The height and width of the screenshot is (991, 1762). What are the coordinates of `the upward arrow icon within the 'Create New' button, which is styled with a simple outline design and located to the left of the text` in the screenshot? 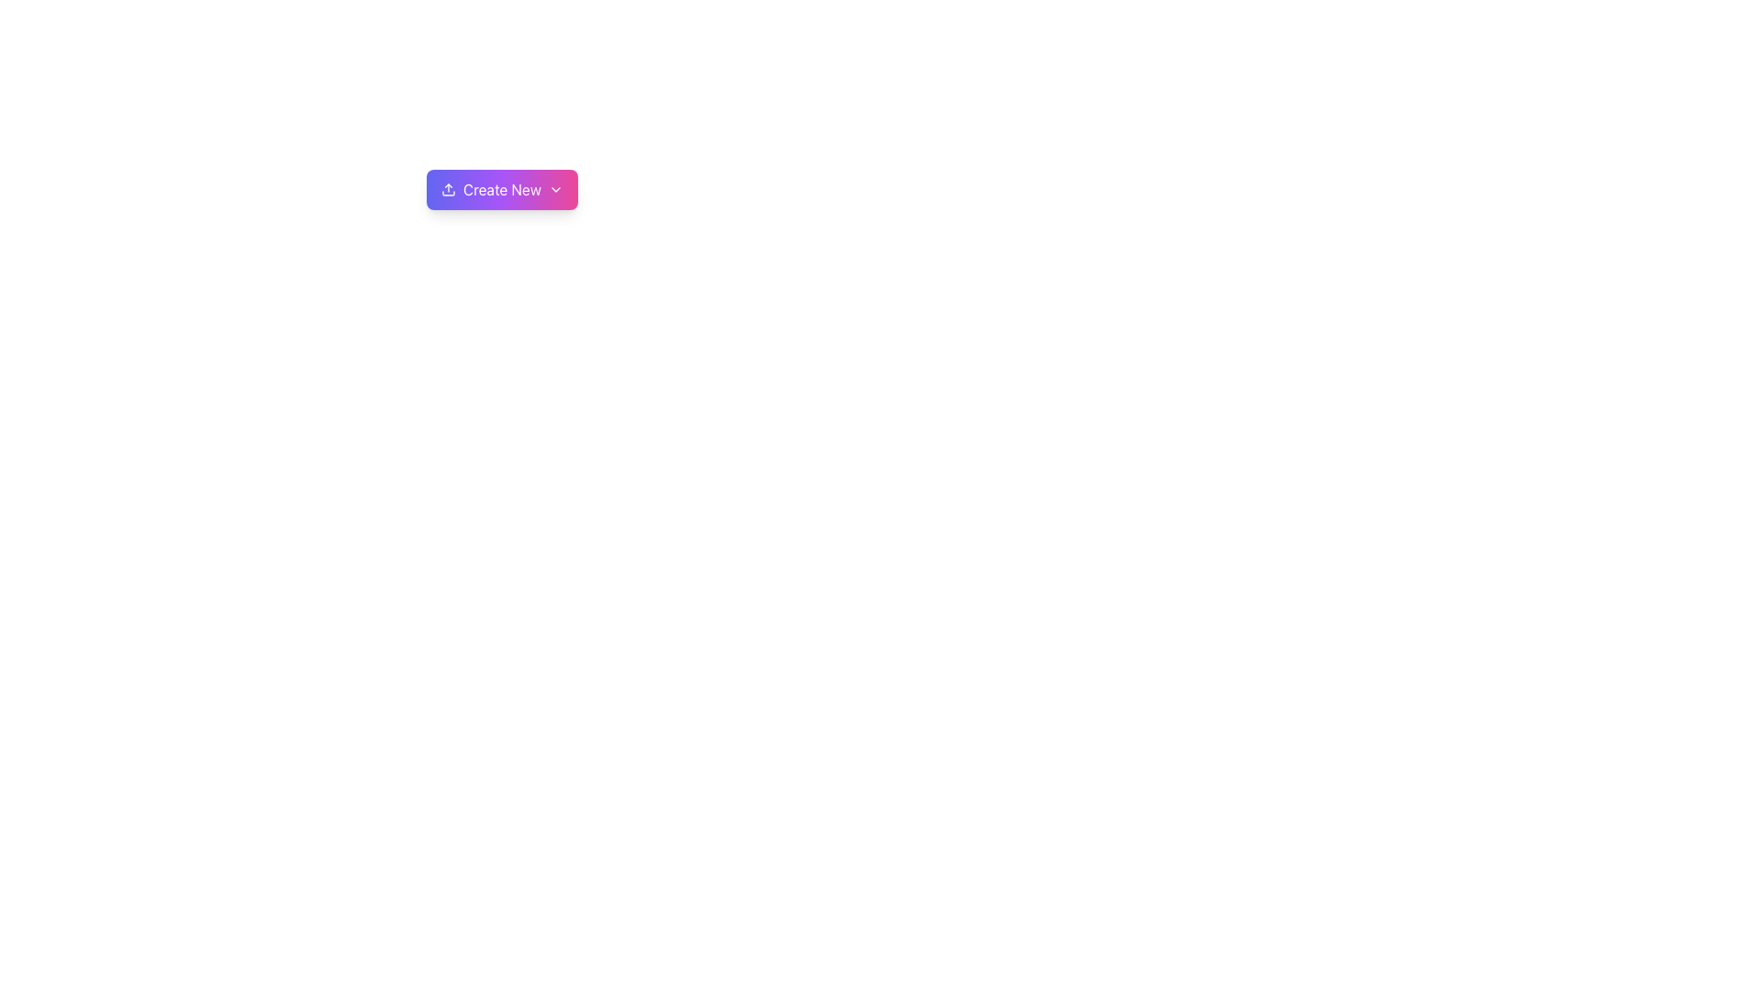 It's located at (449, 190).